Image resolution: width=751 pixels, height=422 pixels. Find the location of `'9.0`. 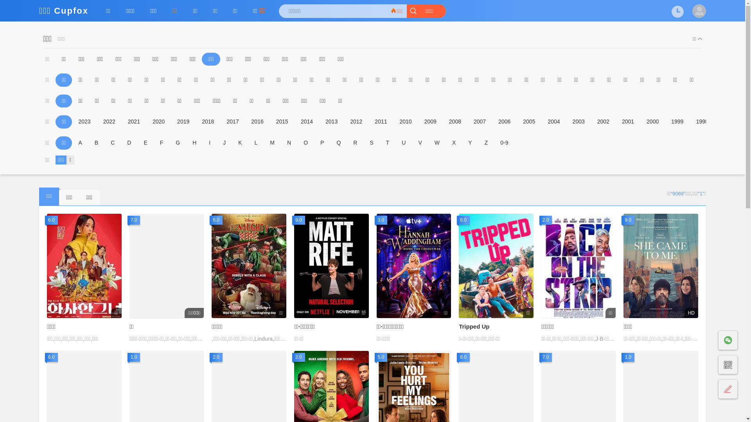

'9.0 is located at coordinates (660, 265).